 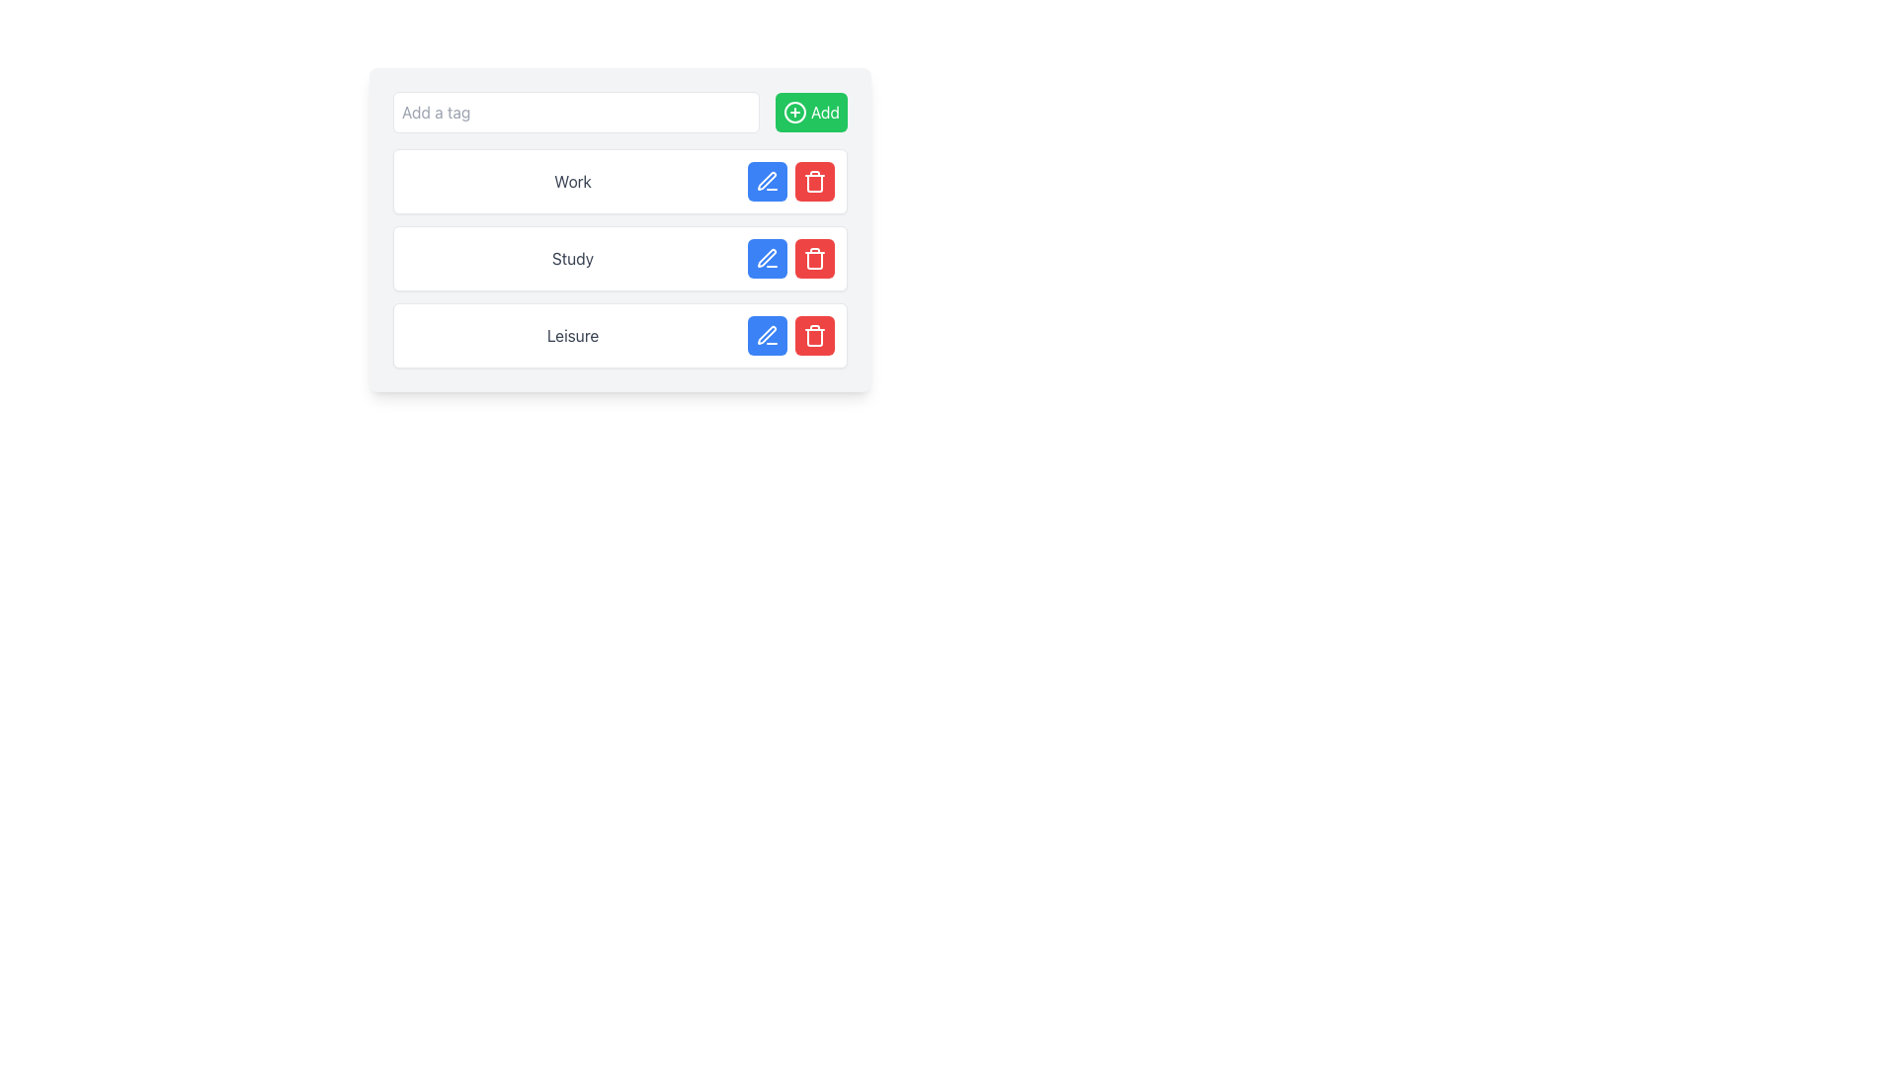 I want to click on the trash icon button with a red background, located to the right of the 'Leisure' label in the vertical list, so click(x=815, y=334).